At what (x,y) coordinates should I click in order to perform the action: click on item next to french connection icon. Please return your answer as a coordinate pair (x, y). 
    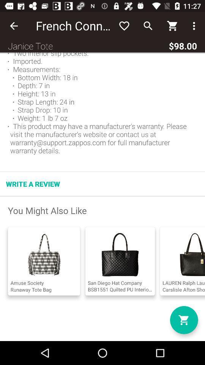
    Looking at the image, I should click on (124, 26).